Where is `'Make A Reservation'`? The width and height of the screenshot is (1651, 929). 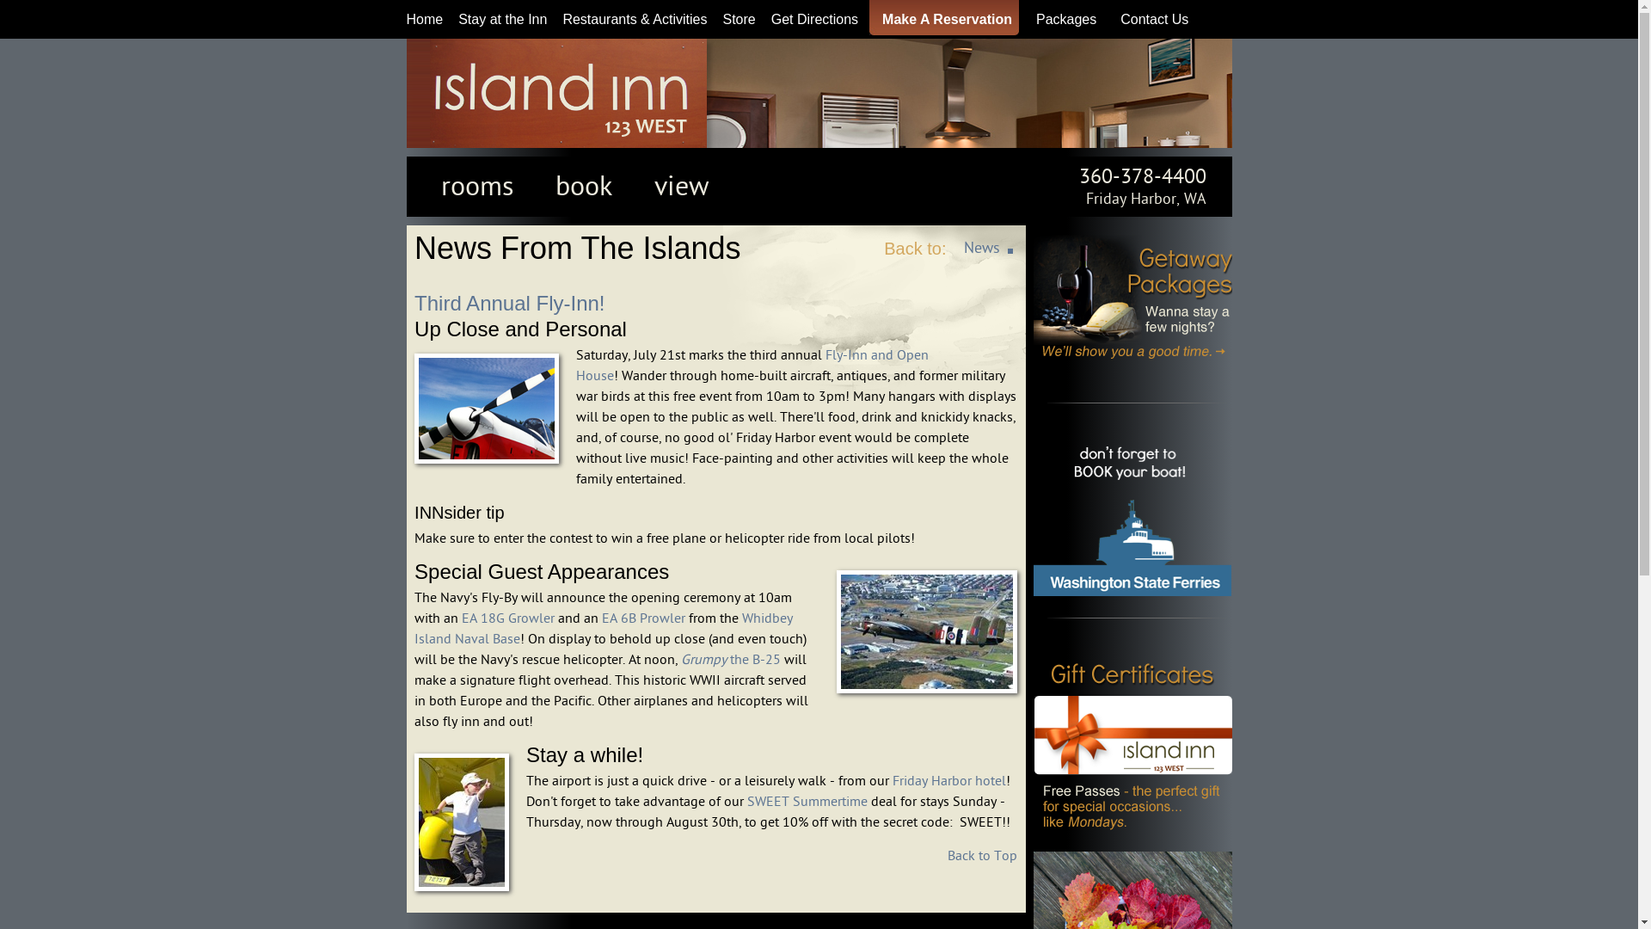
'Make A Reservation' is located at coordinates (942, 19).